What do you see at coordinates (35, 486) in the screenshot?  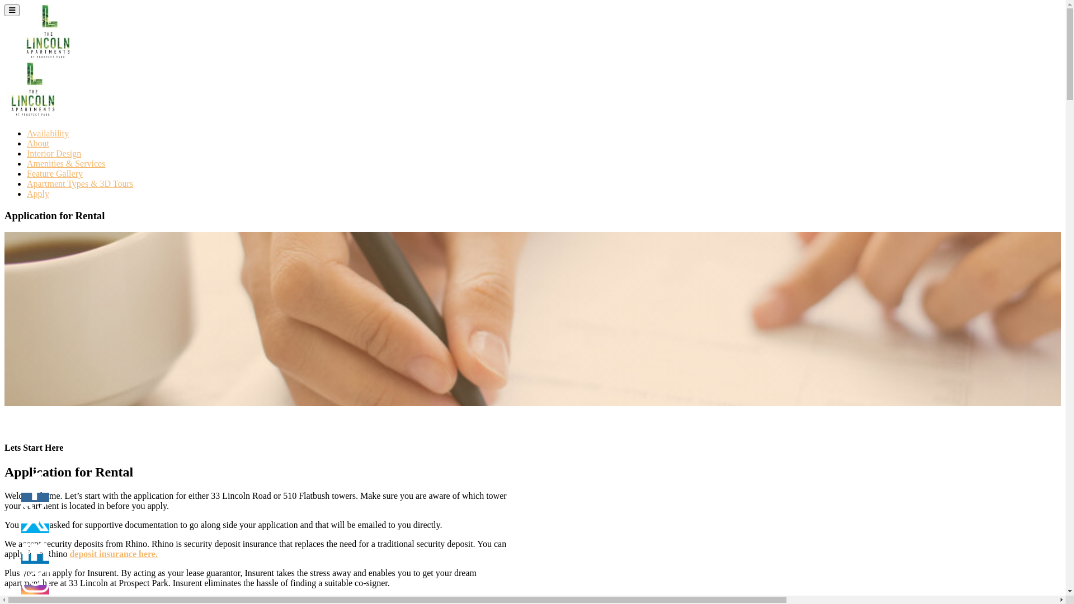 I see `'Facebook'` at bounding box center [35, 486].